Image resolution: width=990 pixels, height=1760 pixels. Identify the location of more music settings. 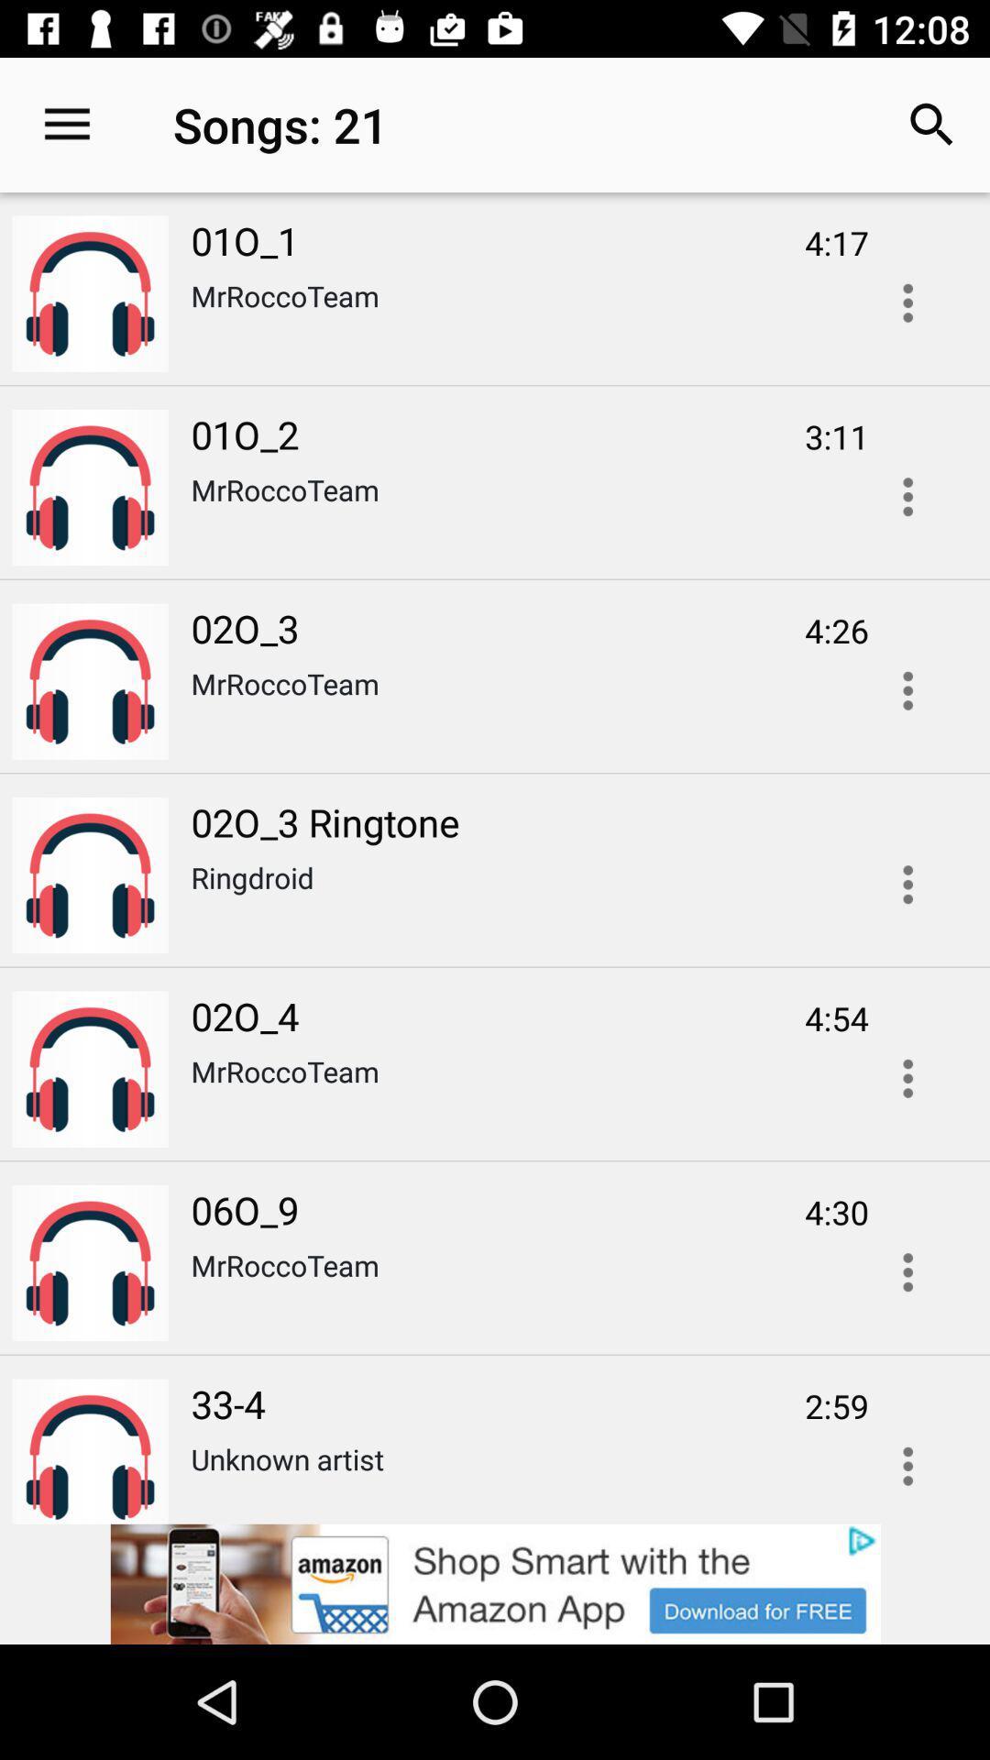
(907, 1078).